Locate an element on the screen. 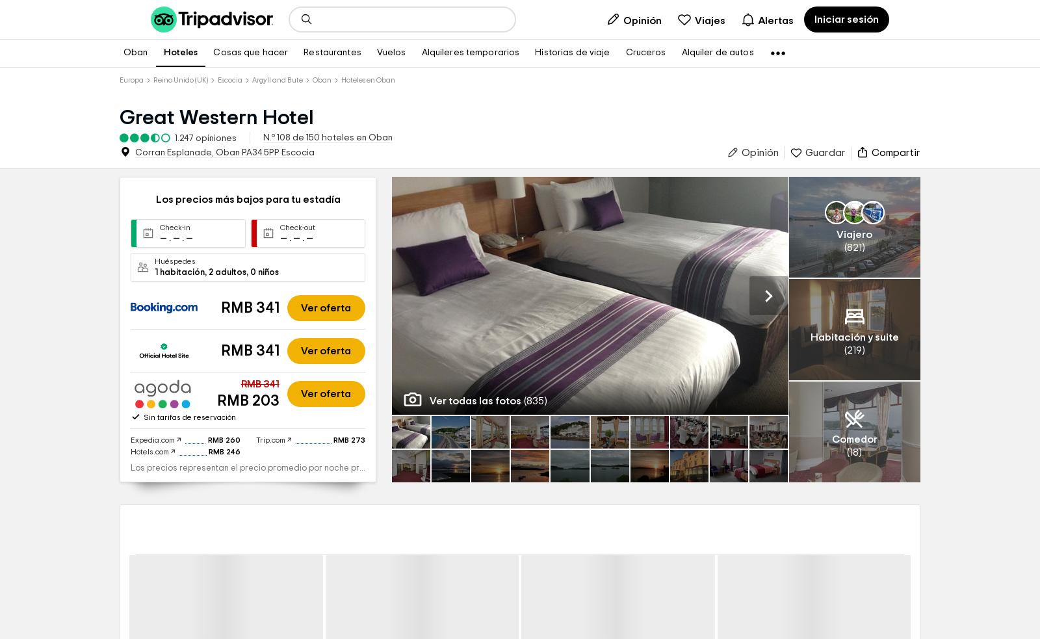  'RMB 273' is located at coordinates (332, 560).